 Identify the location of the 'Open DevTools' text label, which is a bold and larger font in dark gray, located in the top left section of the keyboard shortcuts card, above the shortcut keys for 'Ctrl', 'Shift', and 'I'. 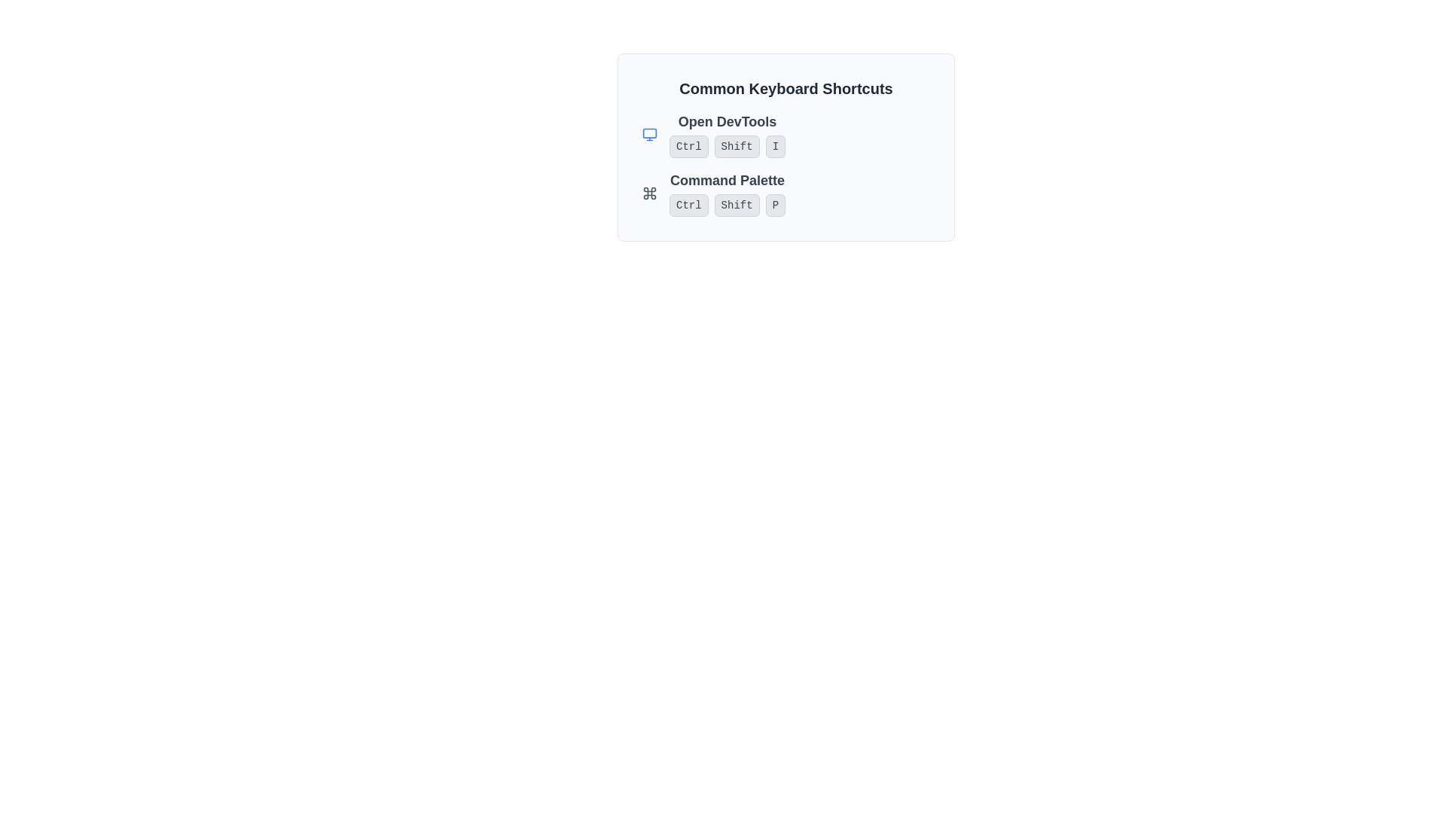
(727, 121).